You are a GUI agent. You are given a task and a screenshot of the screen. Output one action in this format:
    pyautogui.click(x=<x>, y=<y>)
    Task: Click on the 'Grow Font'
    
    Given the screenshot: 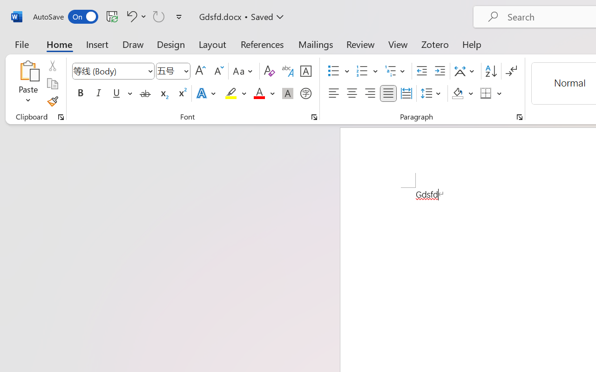 What is the action you would take?
    pyautogui.click(x=200, y=71)
    